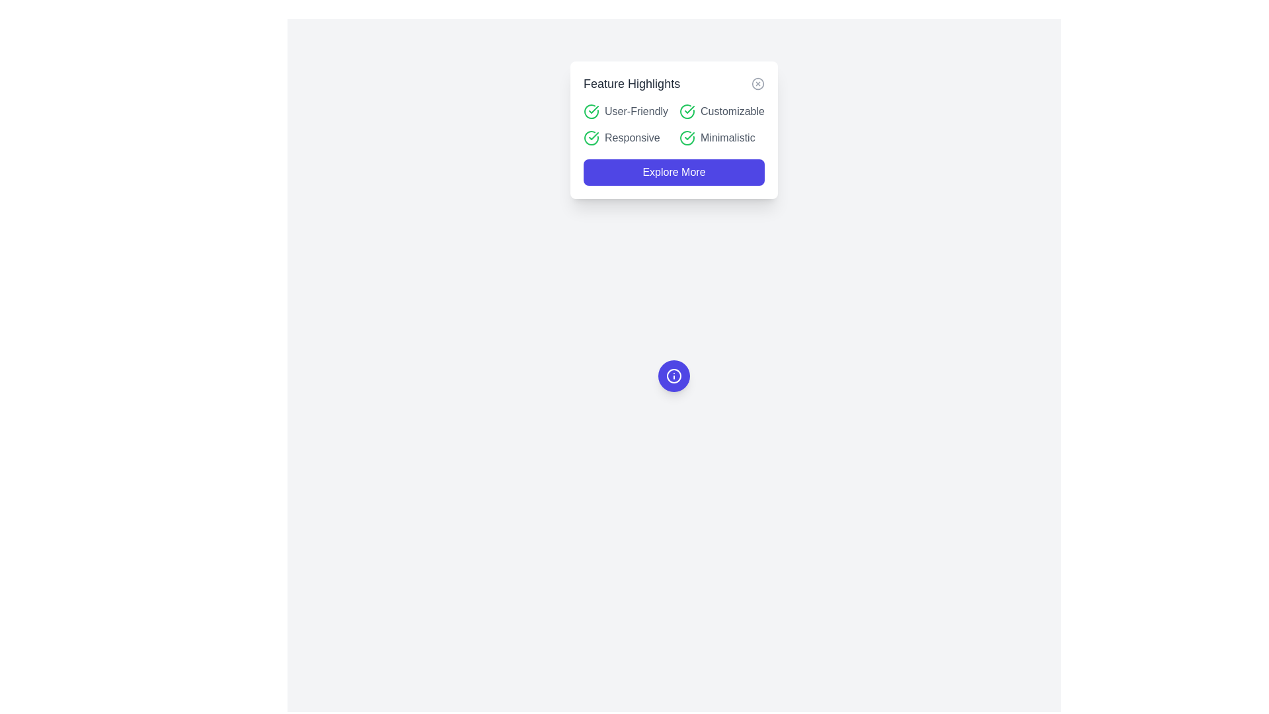  What do you see at coordinates (721, 111) in the screenshot?
I see `the interactive Label with icon that reads 'Customizable', featuring a circular green checkmark to the left, located in the top-right quadrant of the interface` at bounding box center [721, 111].